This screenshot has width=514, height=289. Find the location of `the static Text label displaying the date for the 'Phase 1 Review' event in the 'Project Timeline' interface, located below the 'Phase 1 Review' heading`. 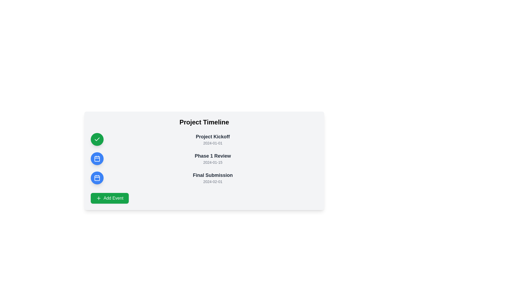

the static Text label displaying the date for the 'Phase 1 Review' event in the 'Project Timeline' interface, located below the 'Phase 1 Review' heading is located at coordinates (213, 162).